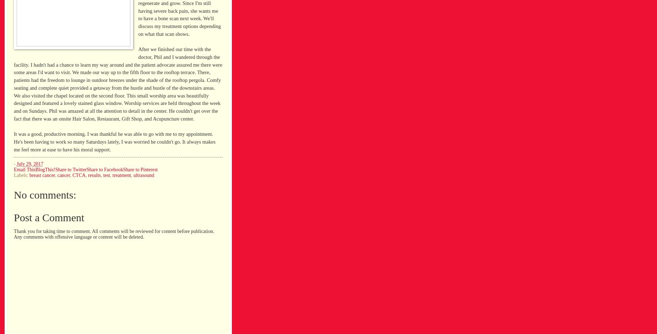 This screenshot has height=334, width=657. Describe the element at coordinates (118, 84) in the screenshot. I see `'After we finished our time with the doctor, Phil and I wandered through the facility. I hadn't had a chance to learn my way around and the patient advocate assured me there were some areas I'd want to visit. We made our way up to the fifth floor to the rooftop terrace. There, patients had the freedom to lounge in outdoor breezes under the shade of the rooftop pergola. Comfy seating and complete quiet provided a getaway from the hustle and bustle of the downstairs areas. We also visited the chapel located on the second floor. This small worship area was beautifully designed and featured a lovely stained glass window. Worship services are held throughout the week and on Sundays. Phil was amazed at all the attention to detail in the center. He couldn't get over the fact that there was an onsite Hair Salon, Restaurant, Gift Shop, and Acupuncture center.'` at that location.